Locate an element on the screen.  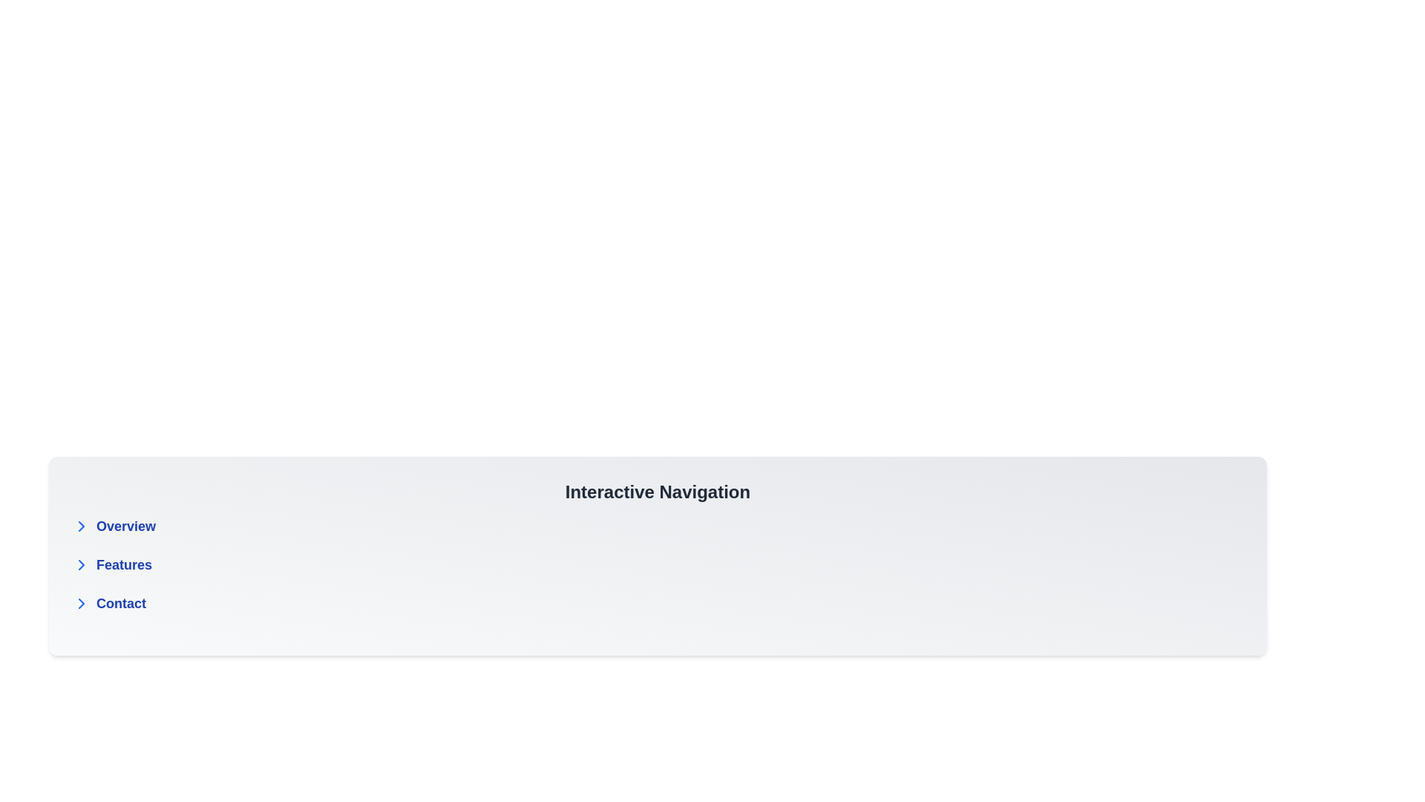
the small, right-pointing blue chevron icon located to the left of the 'Features' label in the vertical navigation menu is located at coordinates (81, 564).